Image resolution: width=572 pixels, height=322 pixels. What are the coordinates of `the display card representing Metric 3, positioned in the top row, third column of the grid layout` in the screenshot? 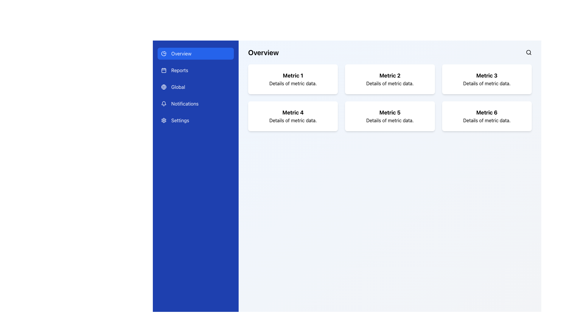 It's located at (487, 79).